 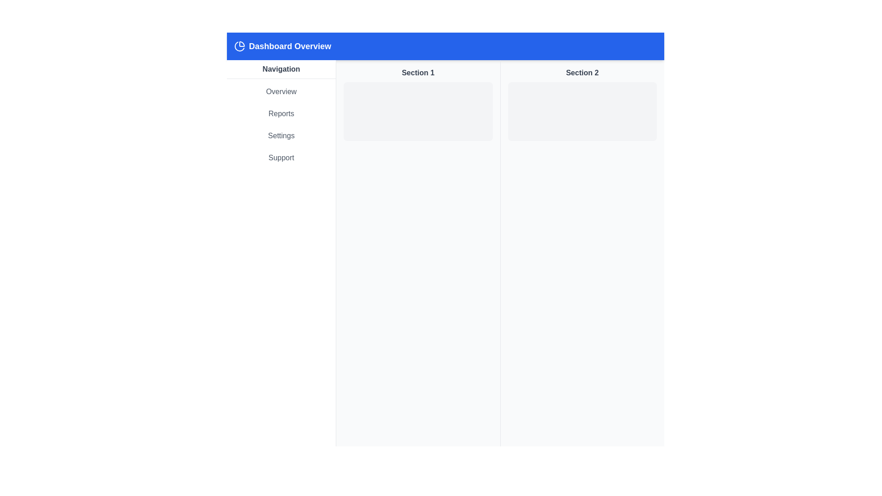 I want to click on the 'Overview' text label in the navigational sidebar, which is styled with a gray font on a white background and positioned above 'Reports', 'Settings', and 'Support', so click(x=281, y=92).